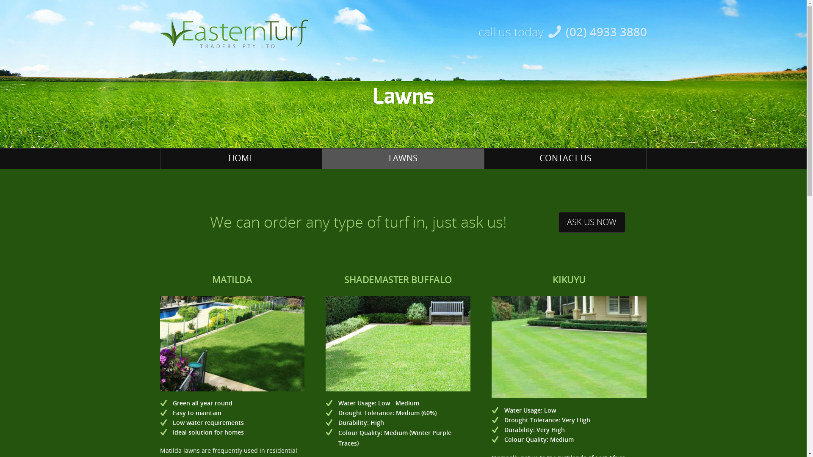  Describe the element at coordinates (606, 31) in the screenshot. I see `'(02) 4933 3880'` at that location.